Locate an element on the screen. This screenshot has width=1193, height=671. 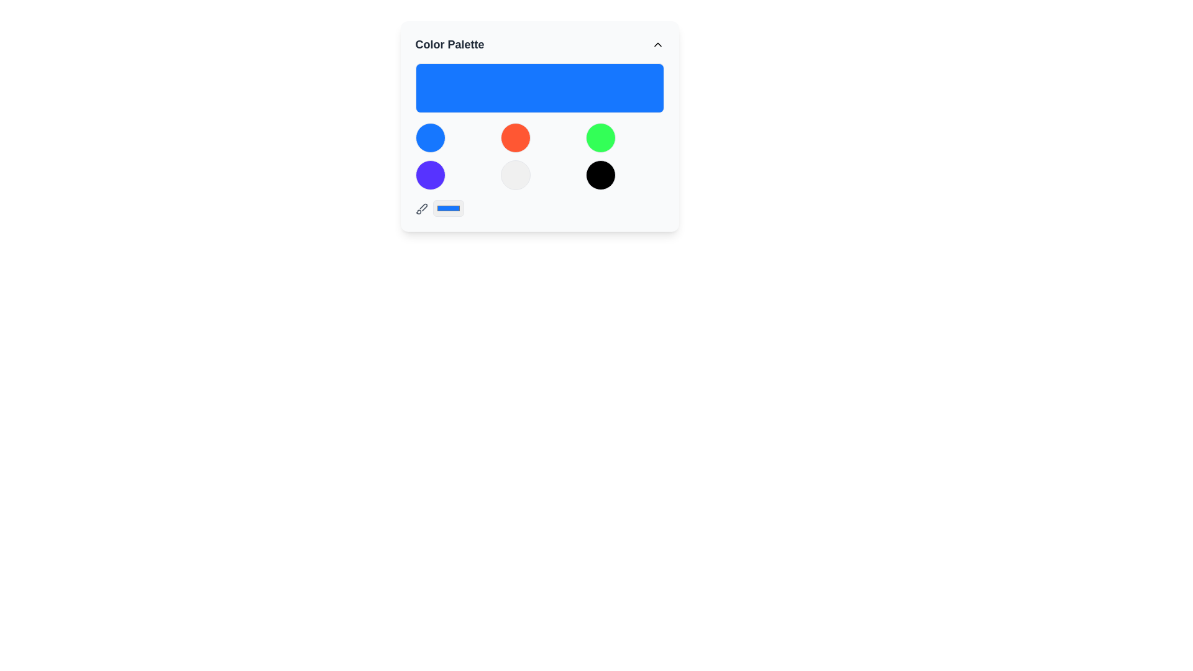
the upward arrow button on the right side of the 'Color Palette' section is located at coordinates (657, 44).